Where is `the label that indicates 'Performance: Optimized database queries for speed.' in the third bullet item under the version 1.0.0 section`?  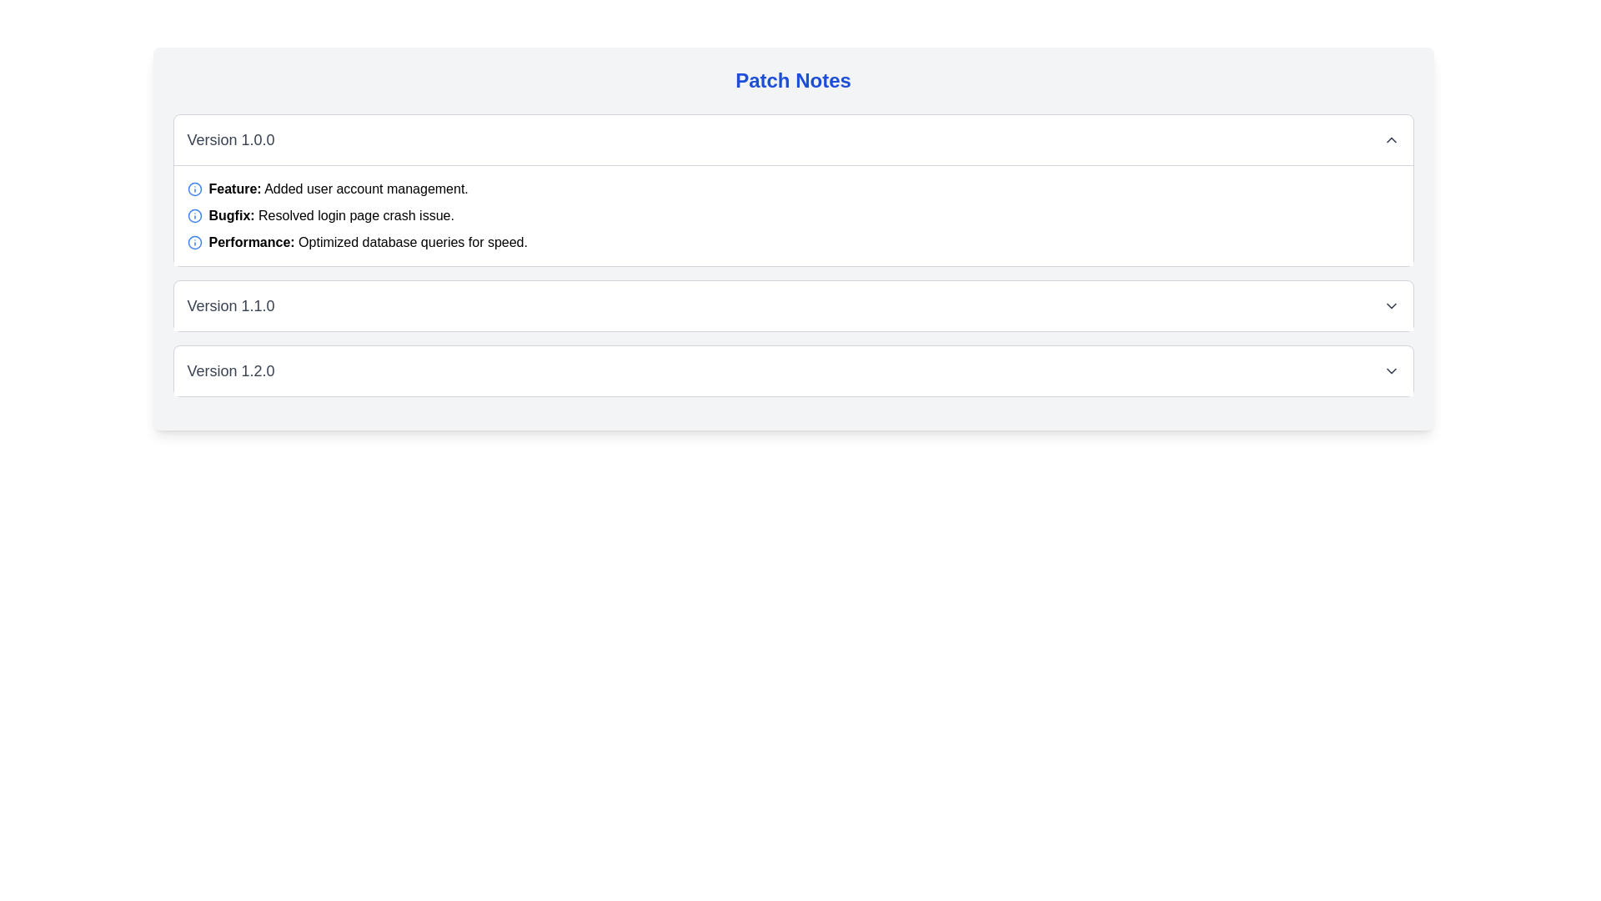
the label that indicates 'Performance: Optimized database queries for speed.' in the third bullet item under the version 1.0.0 section is located at coordinates (251, 242).